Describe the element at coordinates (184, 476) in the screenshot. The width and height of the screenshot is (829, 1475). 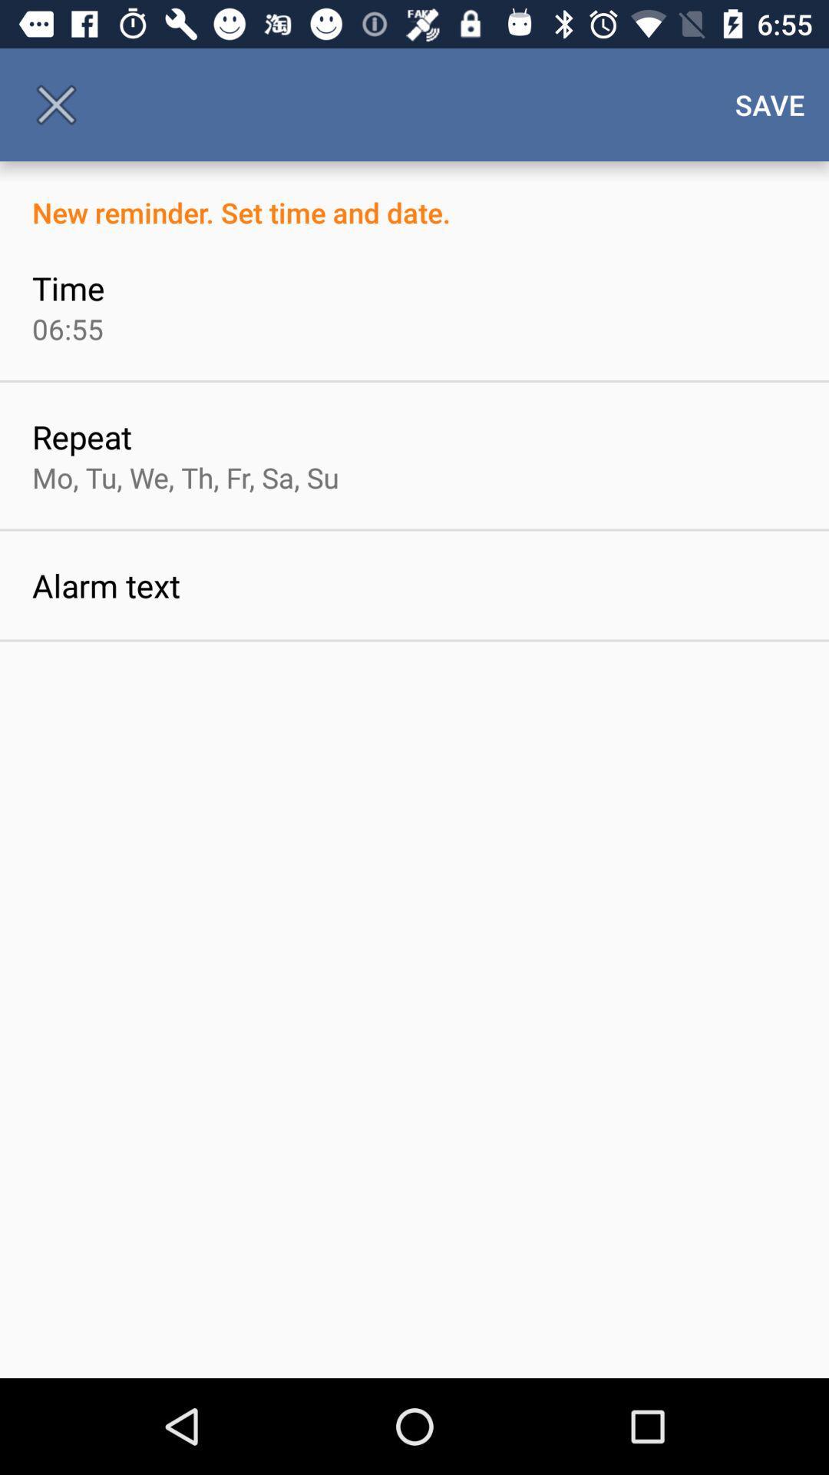
I see `item above the alarm text icon` at that location.